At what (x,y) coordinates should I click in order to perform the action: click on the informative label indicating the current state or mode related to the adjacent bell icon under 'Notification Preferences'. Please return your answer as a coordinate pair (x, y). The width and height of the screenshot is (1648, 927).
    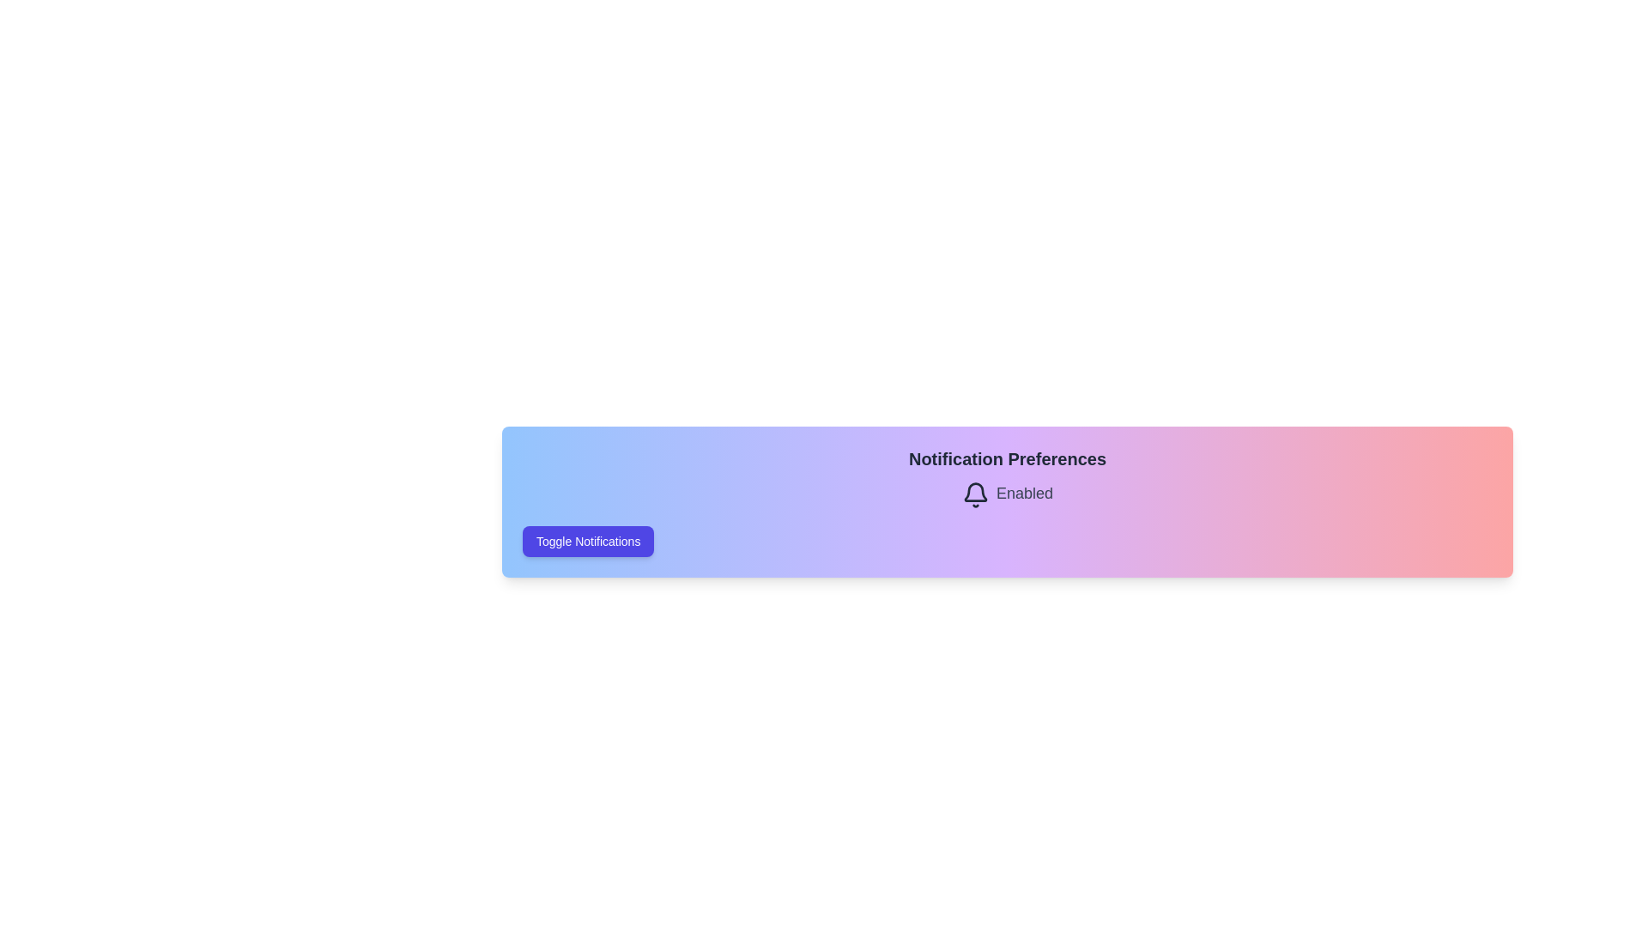
    Looking at the image, I should click on (1025, 495).